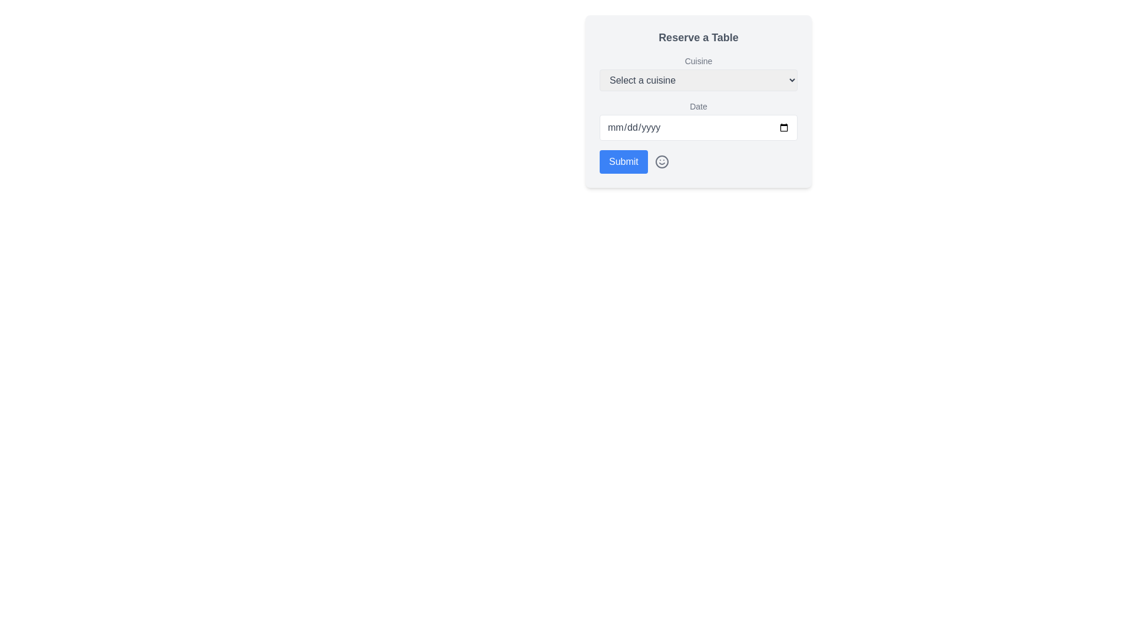 This screenshot has height=636, width=1131. What do you see at coordinates (698, 61) in the screenshot?
I see `the 'Cuisine' label that displays the word 'Cuisine' in smaller gray font, located above the dropdown menu labeled 'Select a cuisine' in the 'Reserve a Table' section` at bounding box center [698, 61].